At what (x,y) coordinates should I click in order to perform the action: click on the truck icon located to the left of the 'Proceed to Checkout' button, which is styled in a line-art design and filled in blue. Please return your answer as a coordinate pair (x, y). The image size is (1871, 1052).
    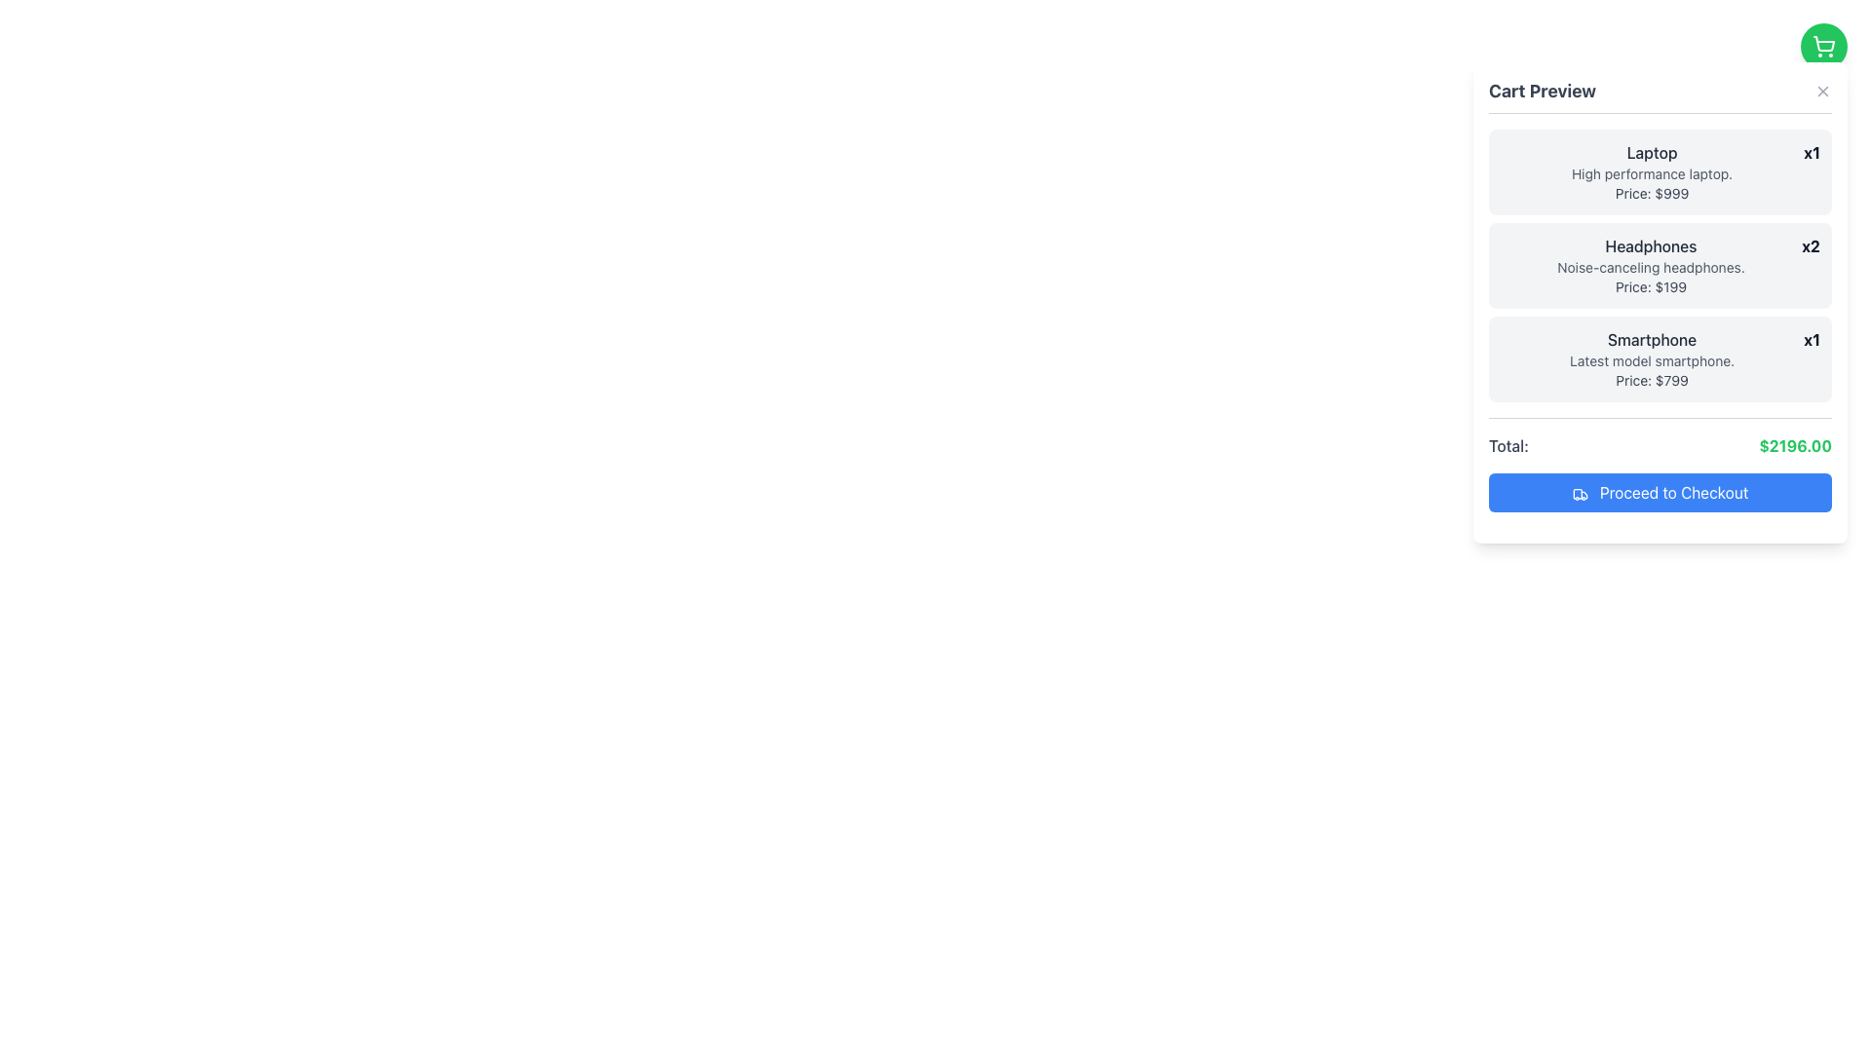
    Looking at the image, I should click on (1580, 493).